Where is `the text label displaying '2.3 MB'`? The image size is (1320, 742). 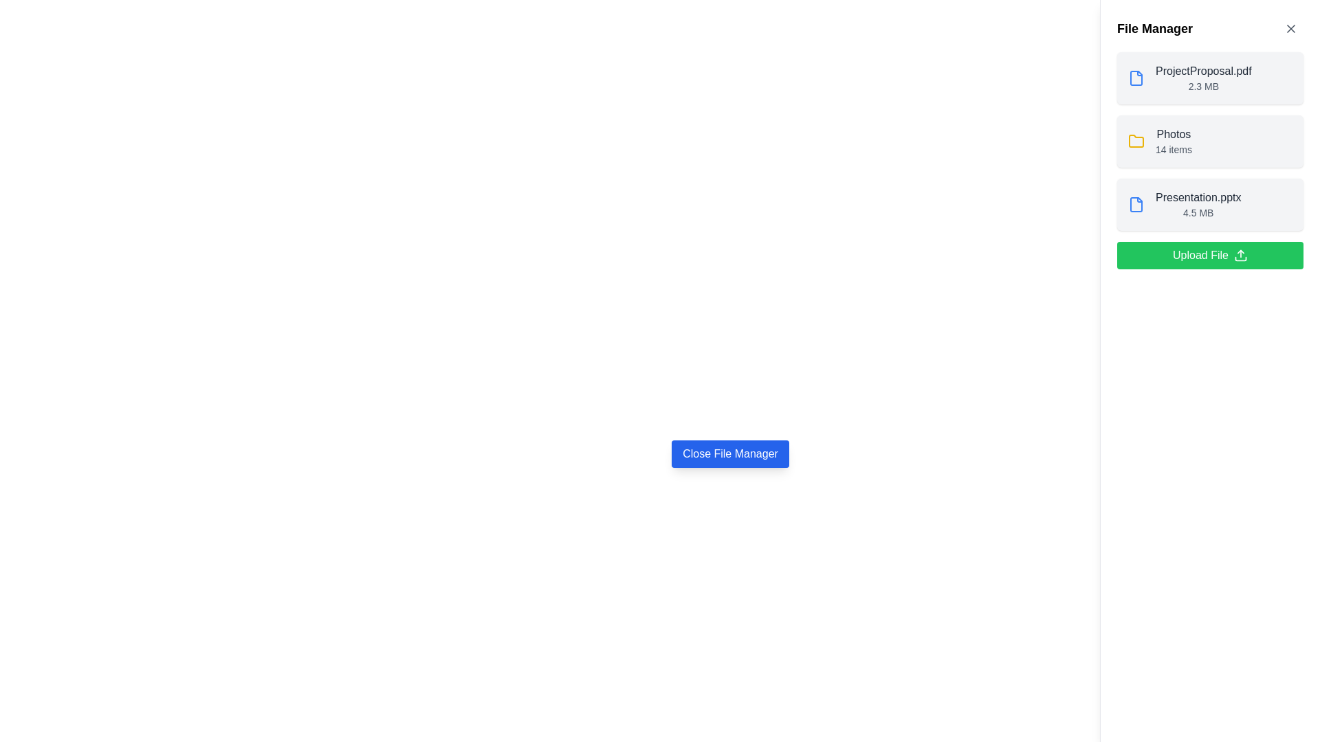
the text label displaying '2.3 MB' is located at coordinates (1202, 87).